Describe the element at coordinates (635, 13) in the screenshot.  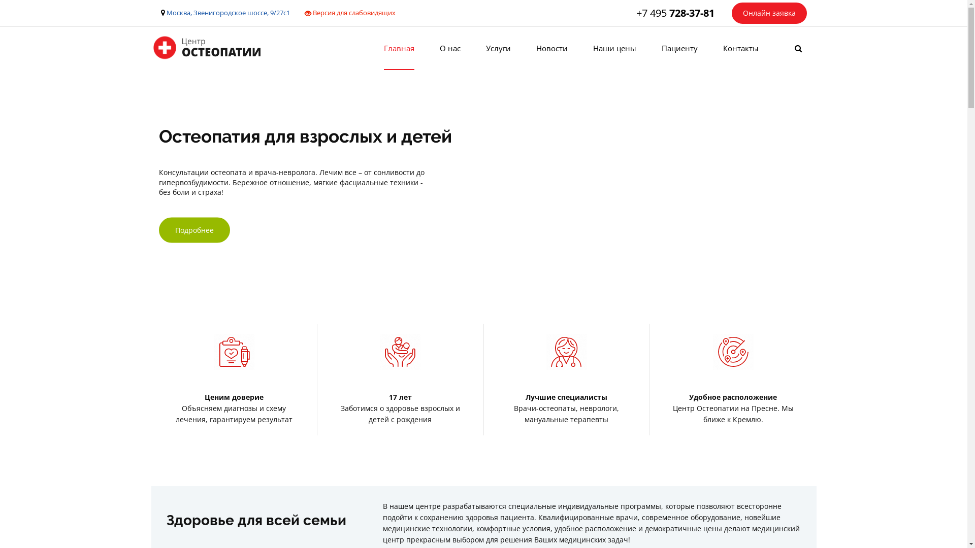
I see `'+7 495 728-37-81'` at that location.